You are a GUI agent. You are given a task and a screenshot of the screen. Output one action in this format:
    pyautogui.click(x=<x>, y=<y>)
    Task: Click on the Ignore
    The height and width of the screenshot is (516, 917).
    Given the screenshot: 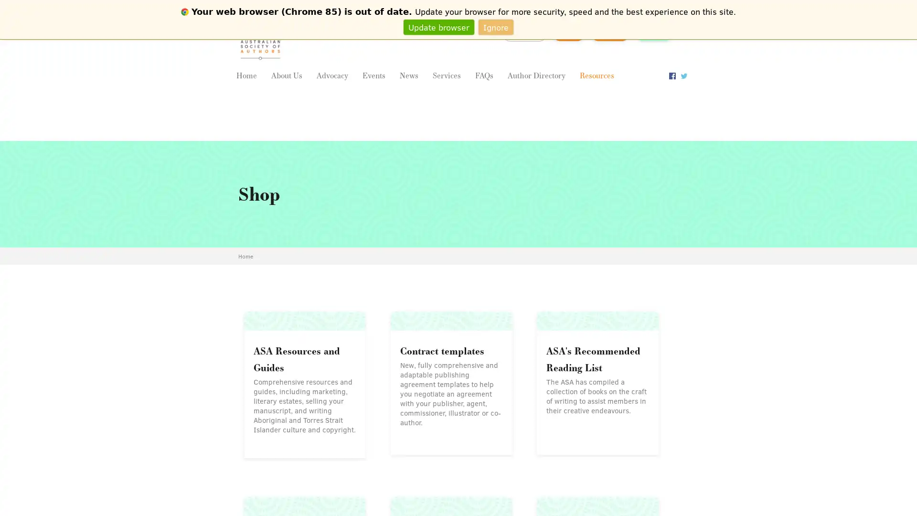 What is the action you would take?
    pyautogui.click(x=496, y=26)
    